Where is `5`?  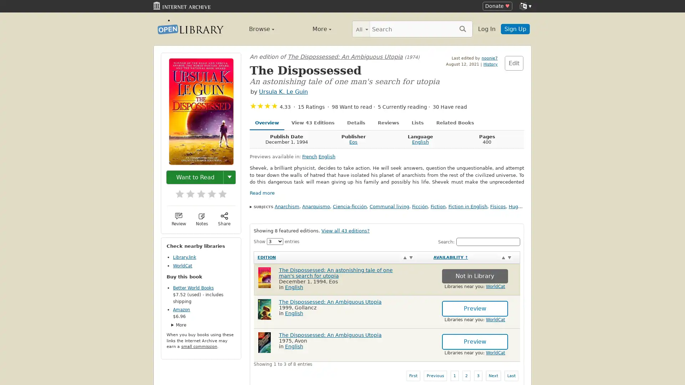
5 is located at coordinates (219, 191).